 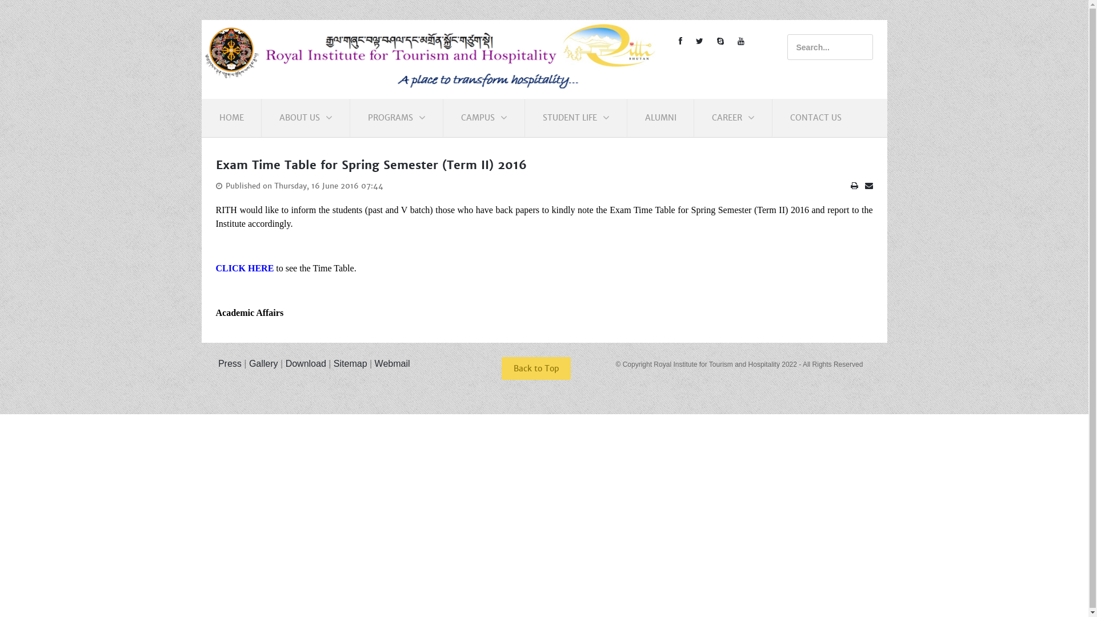 What do you see at coordinates (576, 118) in the screenshot?
I see `'STUDENT LIFE'` at bounding box center [576, 118].